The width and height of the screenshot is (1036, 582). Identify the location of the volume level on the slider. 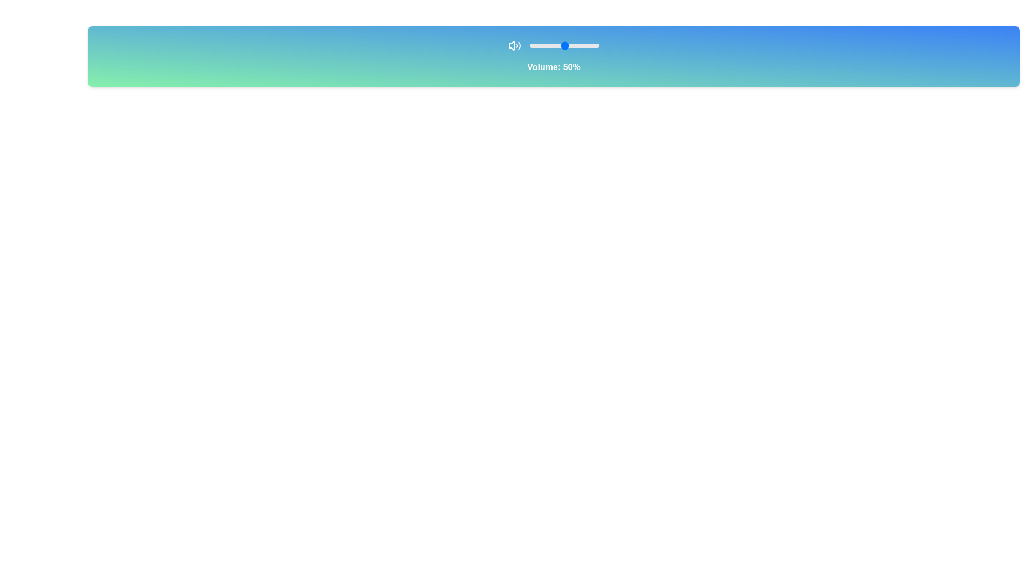
(592, 45).